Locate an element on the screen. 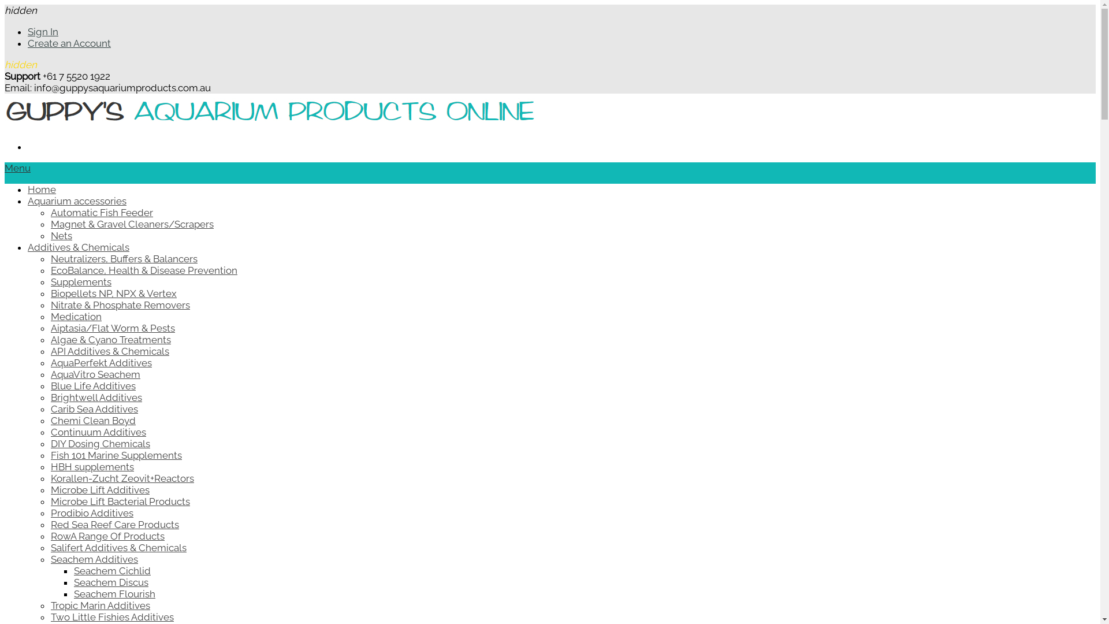  'Fish 101 Marine Supplements' is located at coordinates (116, 454).